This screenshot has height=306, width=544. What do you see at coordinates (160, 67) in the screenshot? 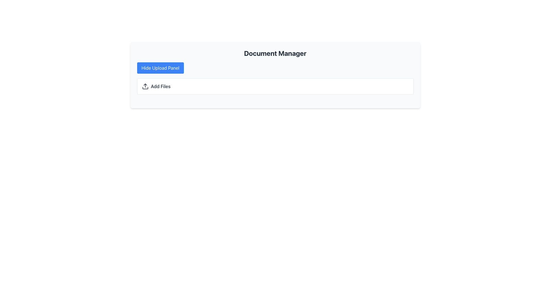
I see `the toggle button located near the top-left corner of the 'Document Manager' panel to hide the upload panel` at bounding box center [160, 67].